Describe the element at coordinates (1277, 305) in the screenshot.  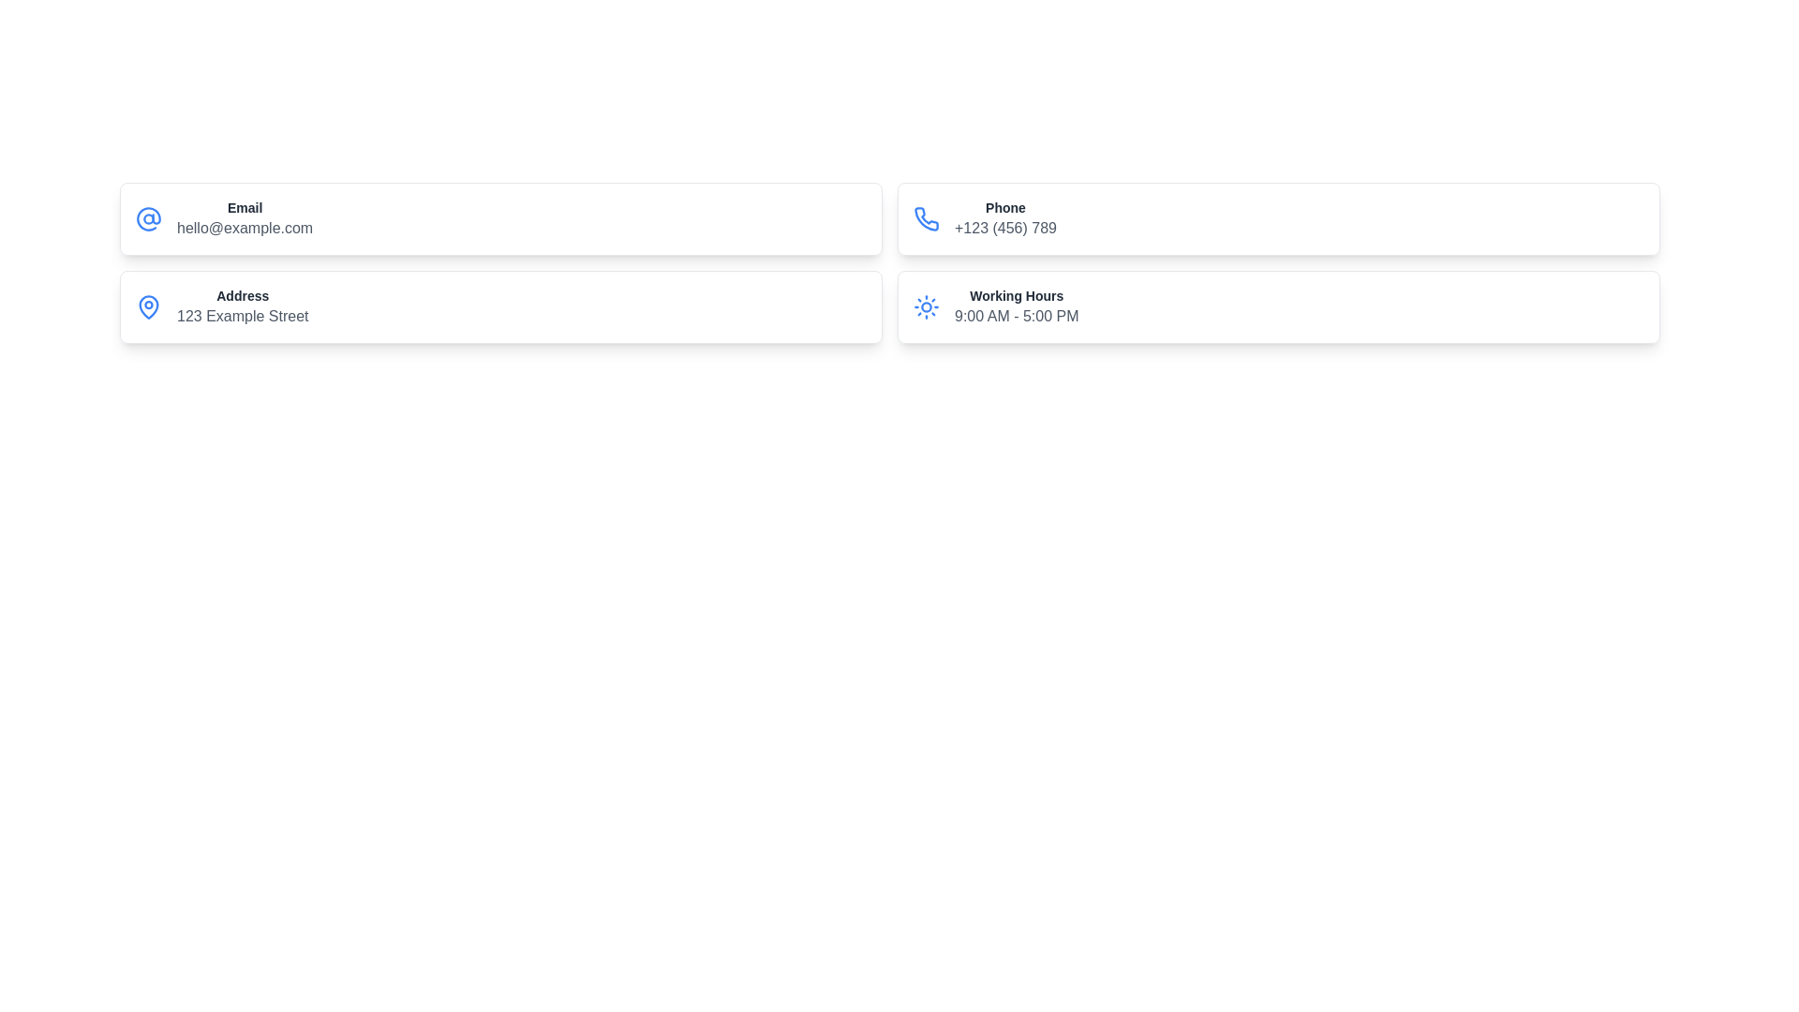
I see `the Informational card that displays the working hours of a service, located in the rightmost column of the second row in a two-column layout grid` at that location.